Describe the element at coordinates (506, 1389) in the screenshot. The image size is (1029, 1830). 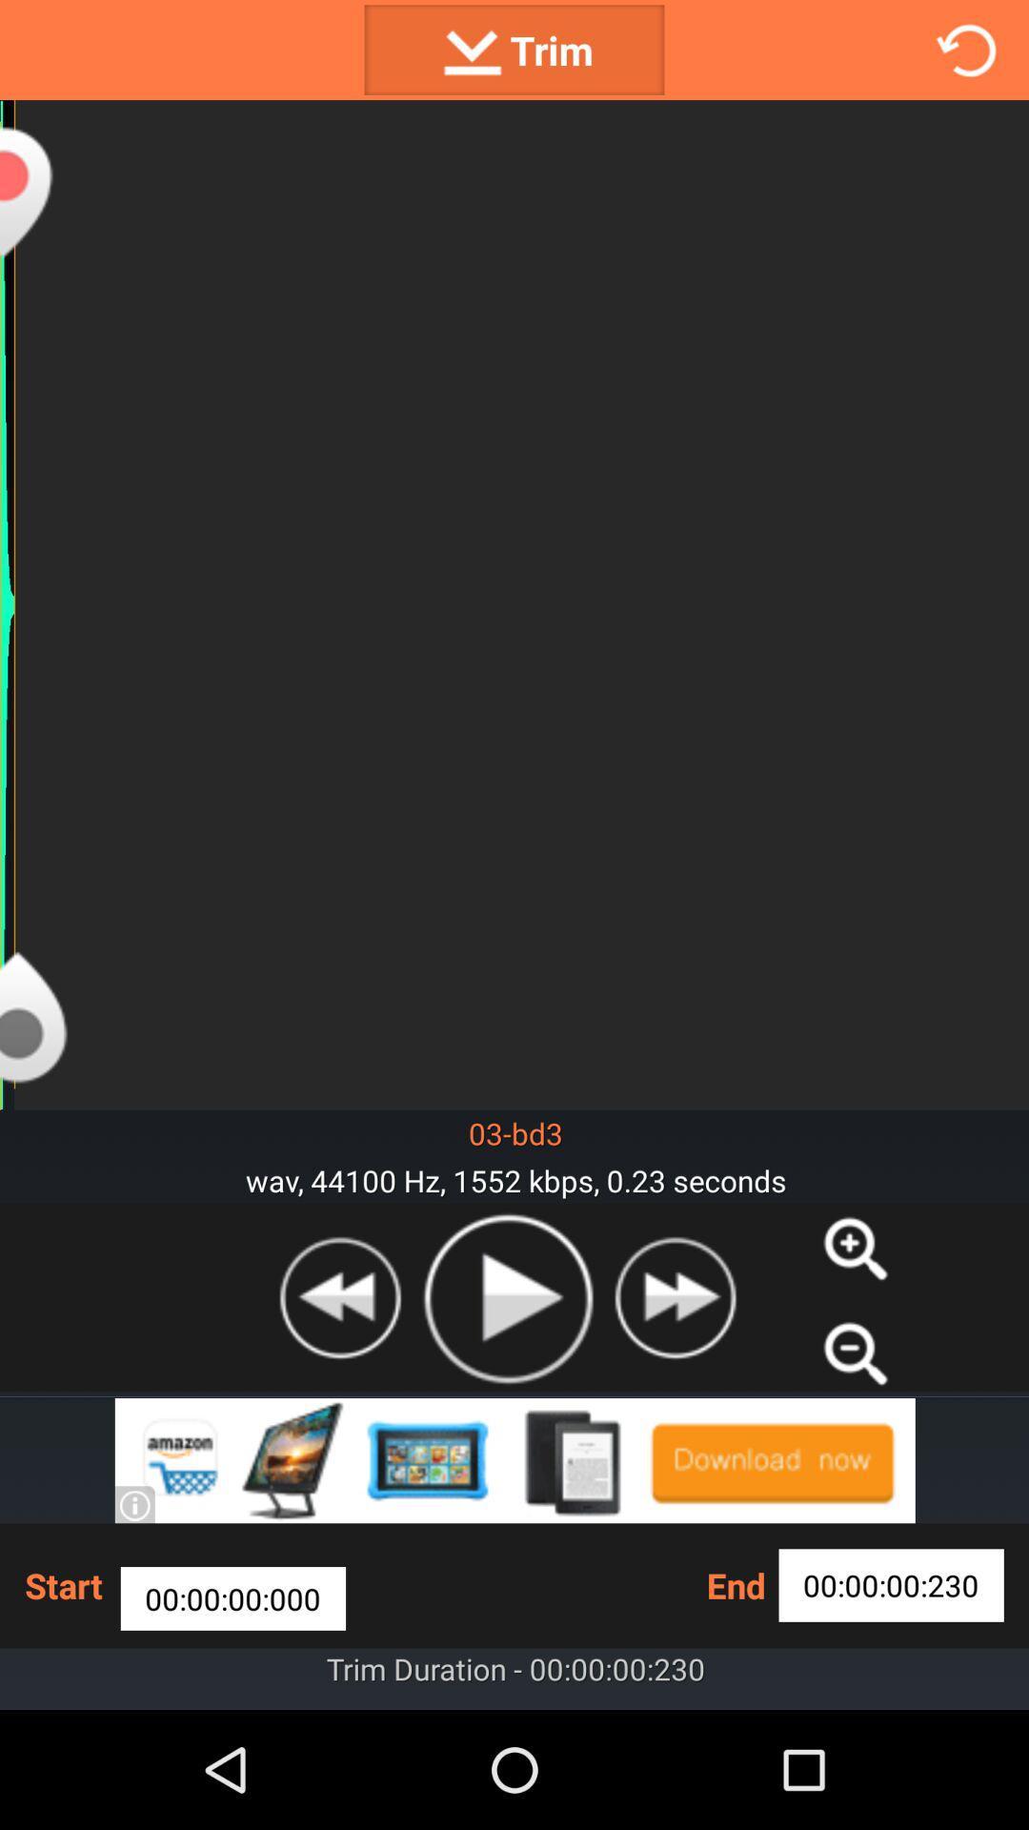
I see `the play icon` at that location.